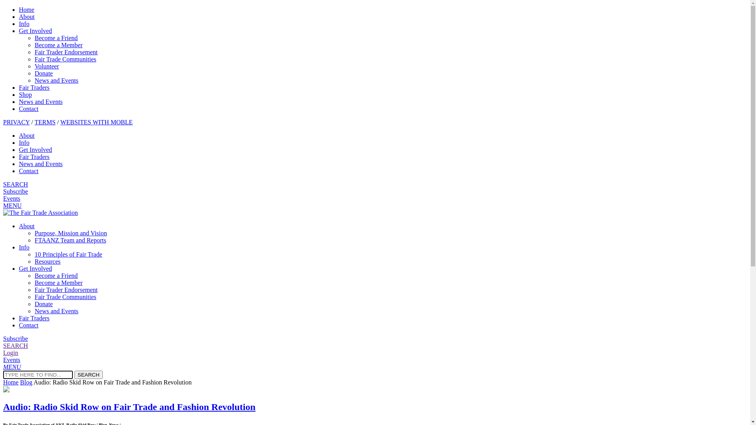 The height and width of the screenshot is (425, 756). I want to click on 'Fair Trader Endorsement', so click(66, 52).